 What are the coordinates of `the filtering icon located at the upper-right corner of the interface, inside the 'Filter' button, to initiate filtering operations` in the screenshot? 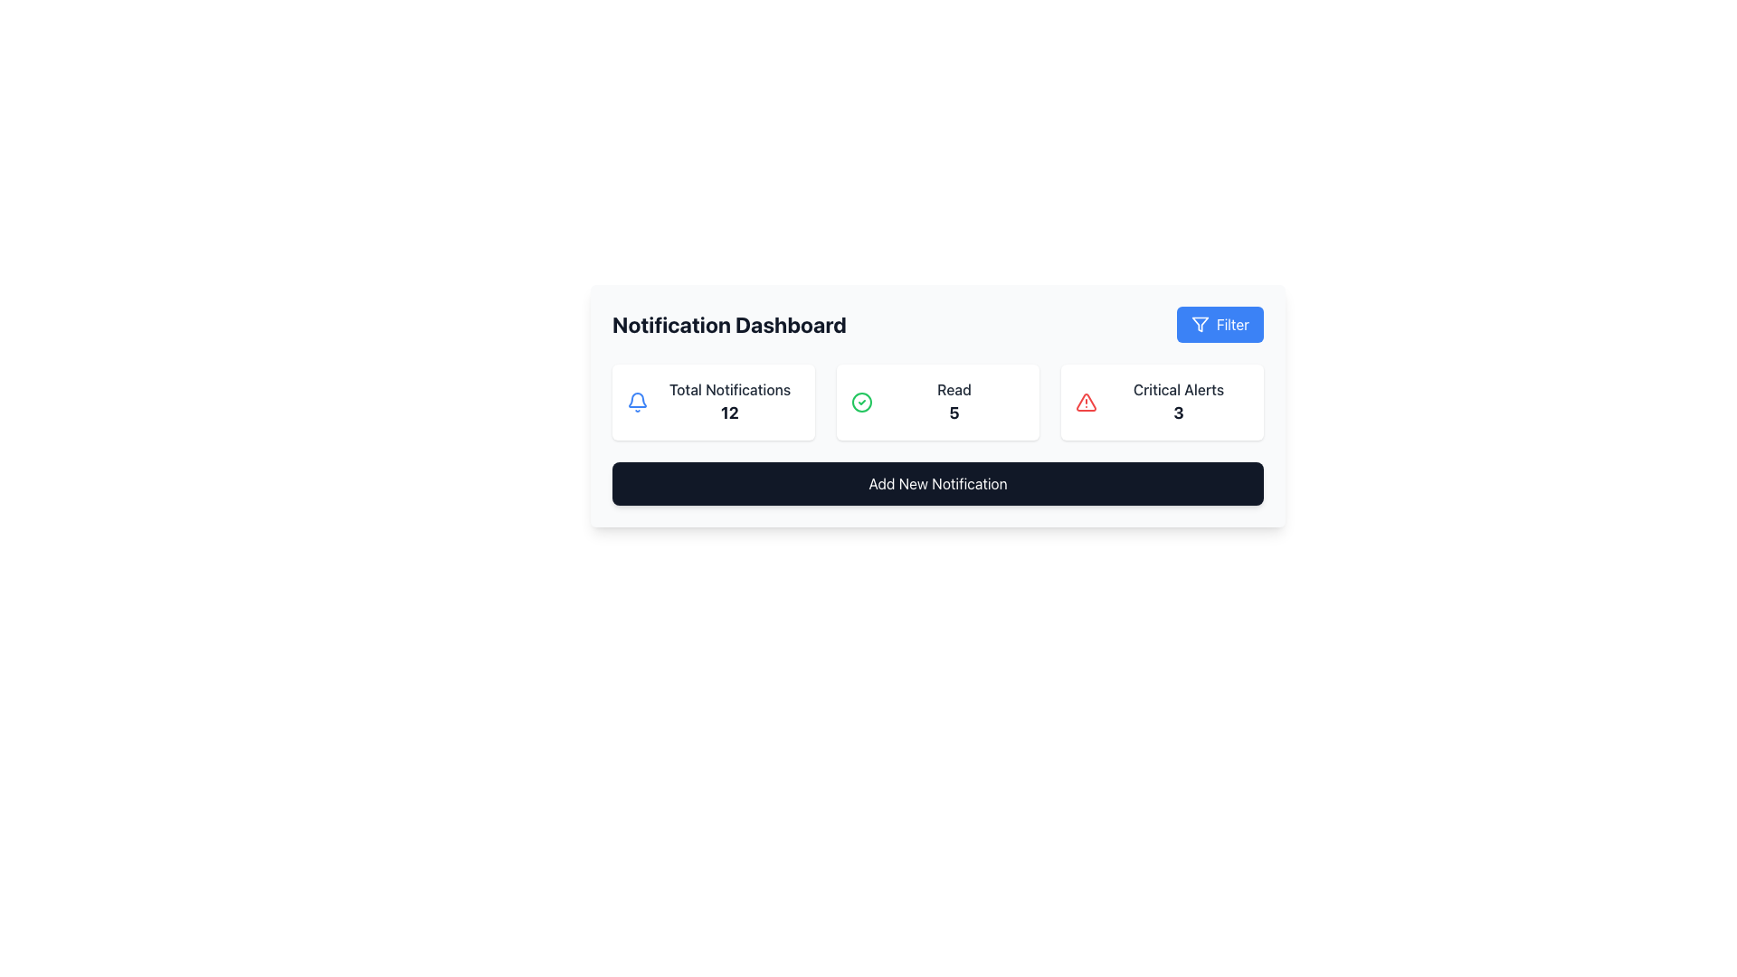 It's located at (1199, 323).